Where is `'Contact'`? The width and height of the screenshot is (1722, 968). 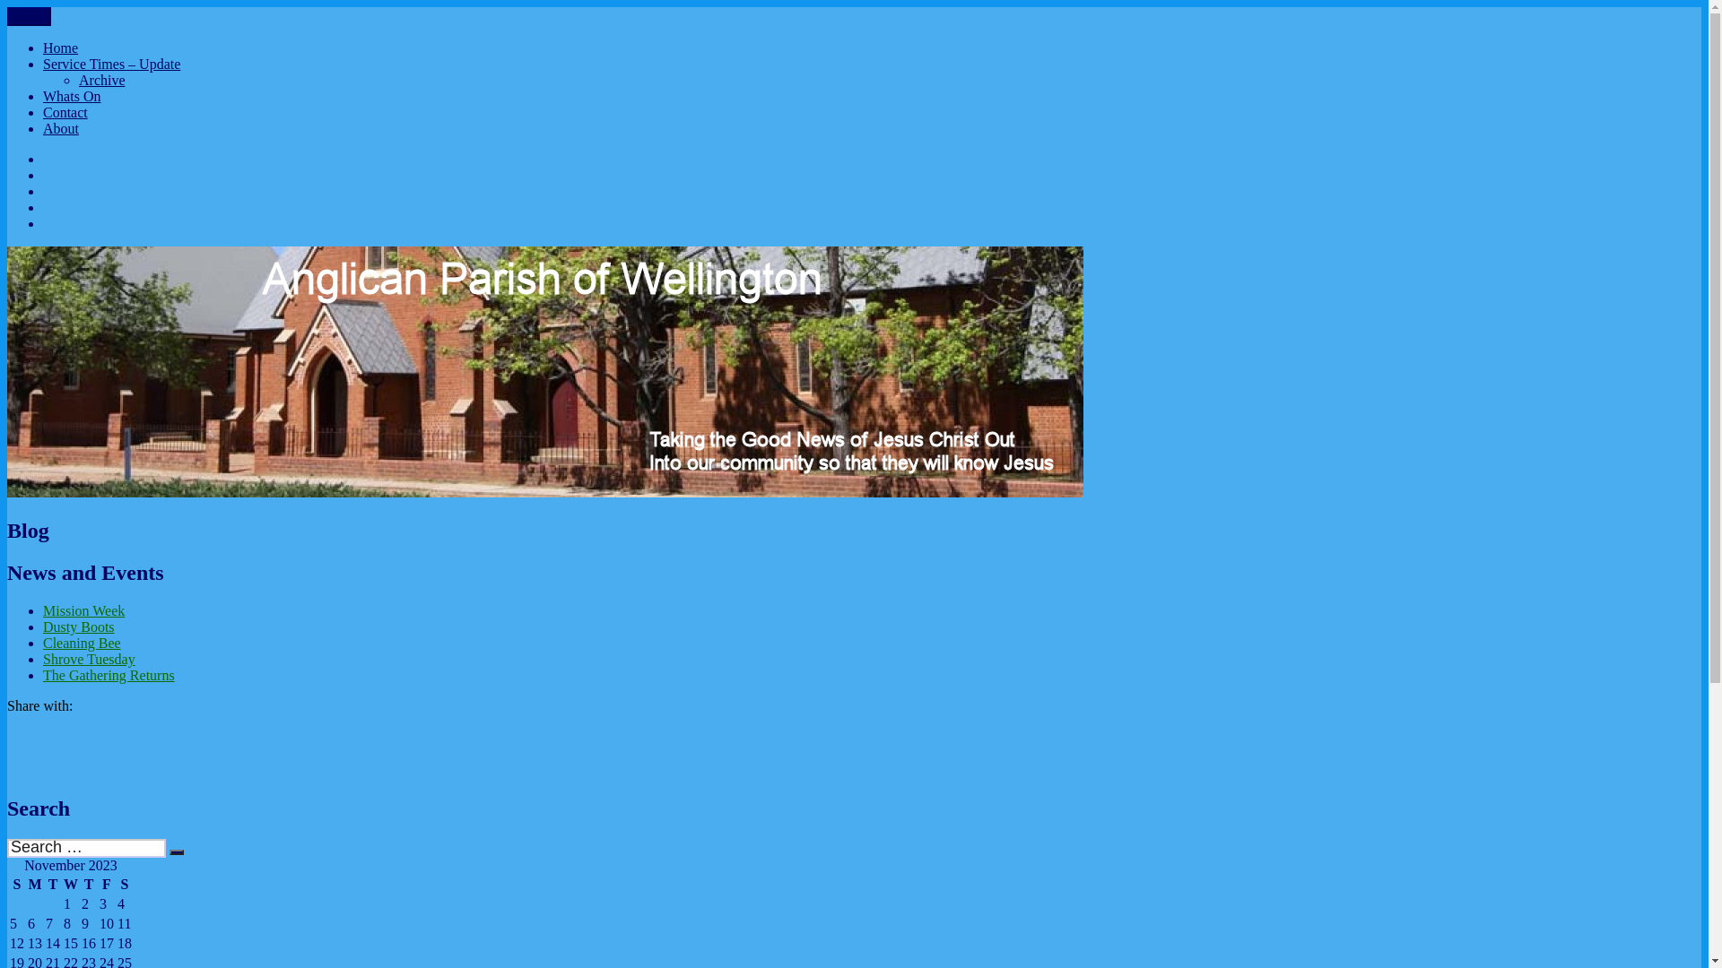
'Contact' is located at coordinates (65, 112).